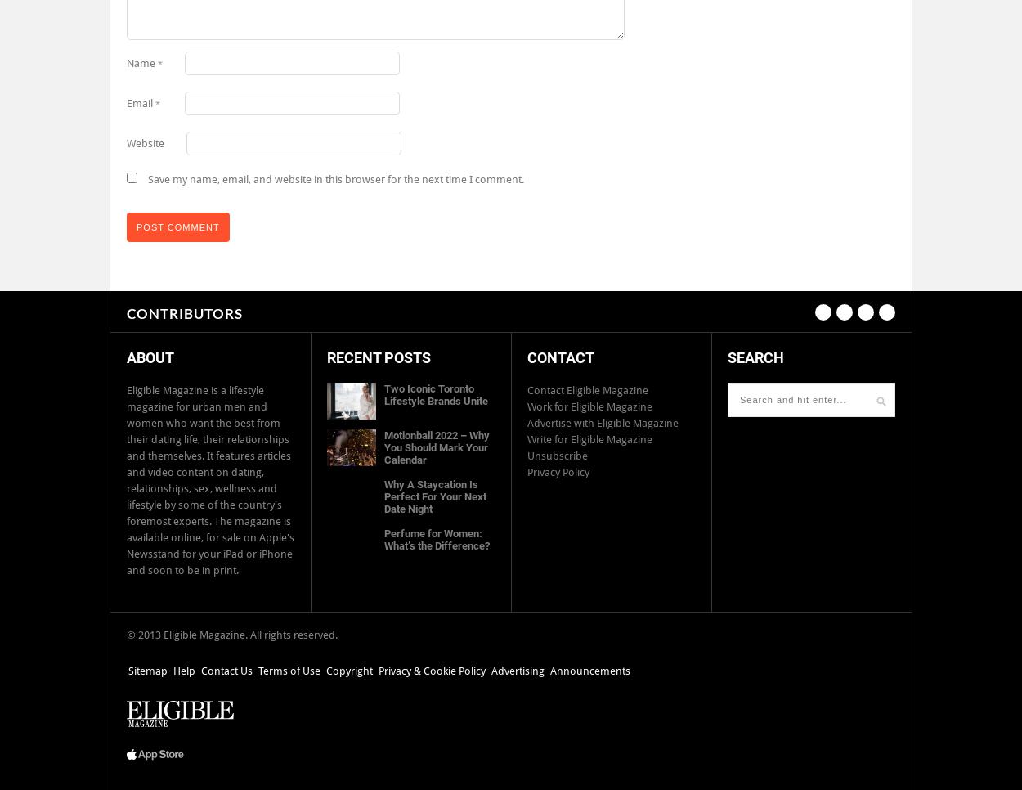  What do you see at coordinates (436, 395) in the screenshot?
I see `'Two Iconic Toronto Lifestyle Brands Unite'` at bounding box center [436, 395].